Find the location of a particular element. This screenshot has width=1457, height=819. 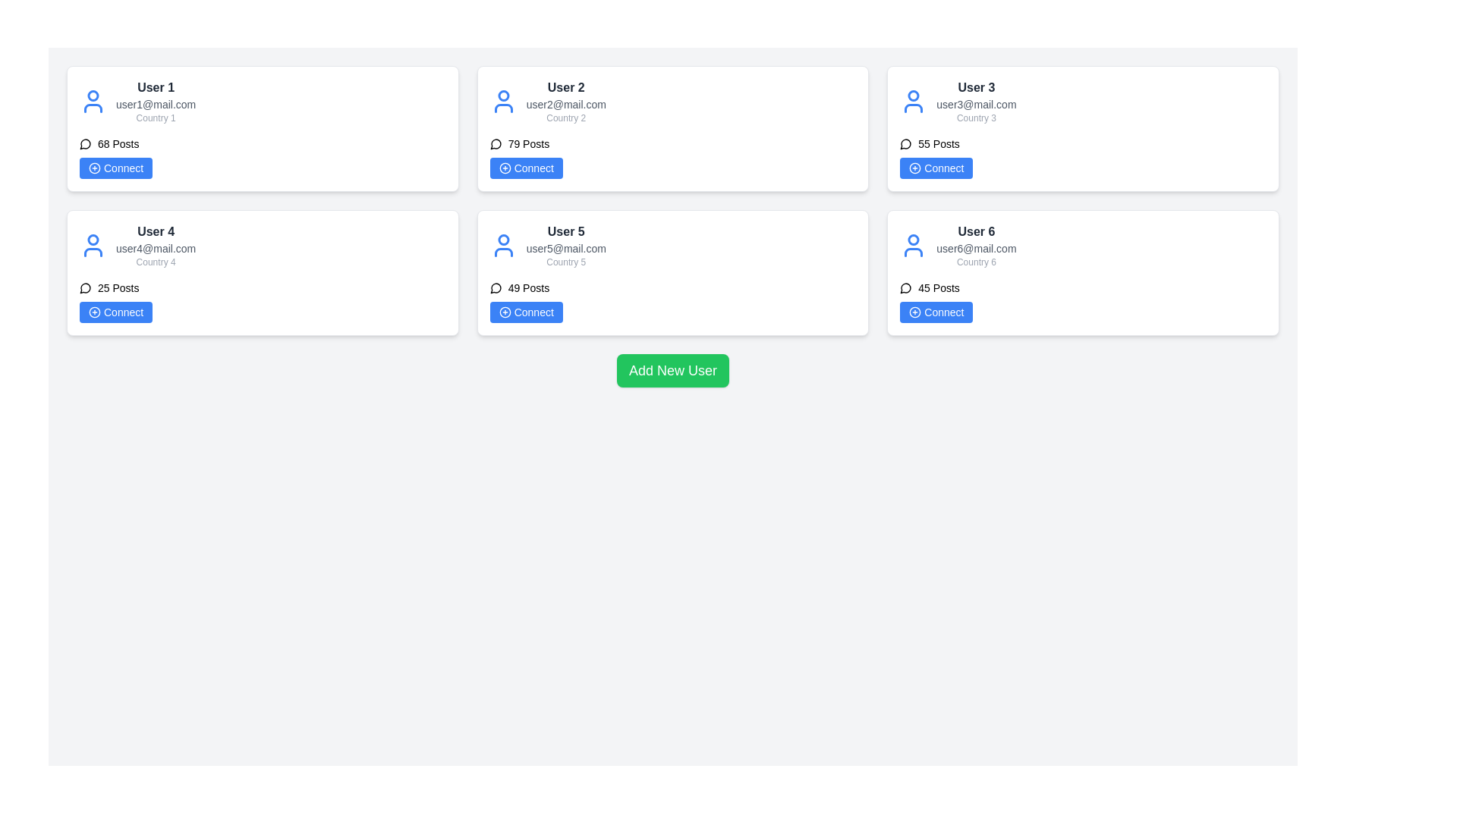

the 'Connect' button in the user card for 'User 6' is located at coordinates (1082, 301).